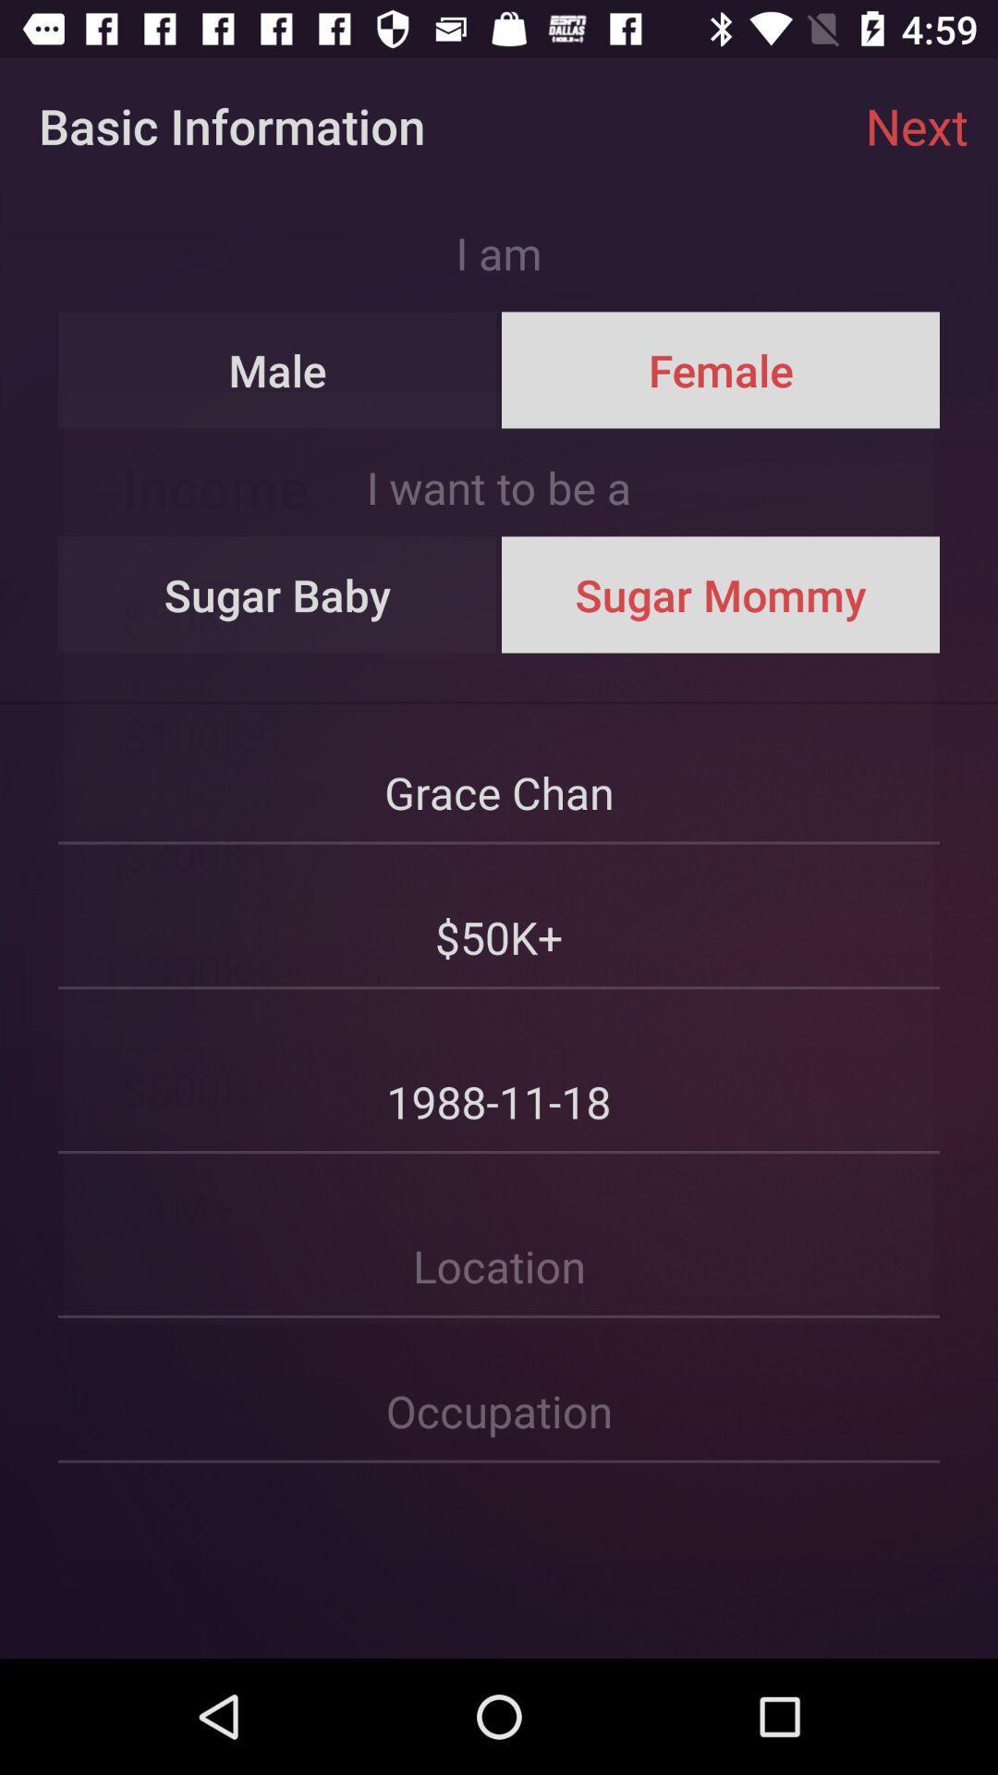 Image resolution: width=998 pixels, height=1775 pixels. Describe the element at coordinates (499, 773) in the screenshot. I see `the option grace chan` at that location.